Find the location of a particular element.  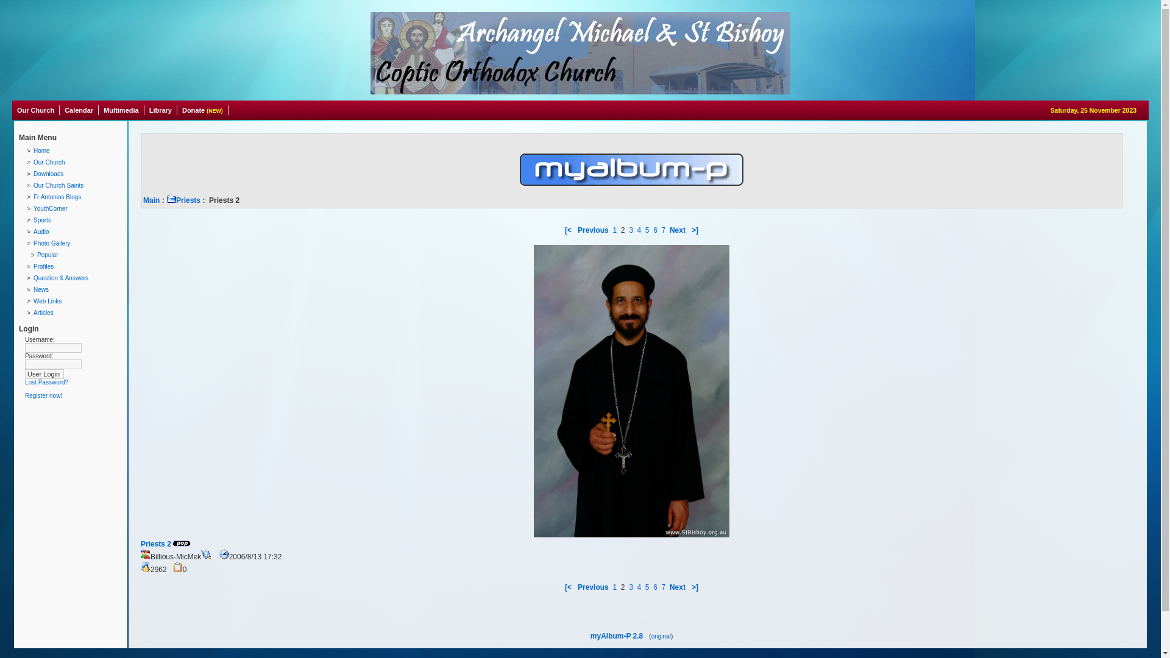

'Comments' is located at coordinates (177, 567).